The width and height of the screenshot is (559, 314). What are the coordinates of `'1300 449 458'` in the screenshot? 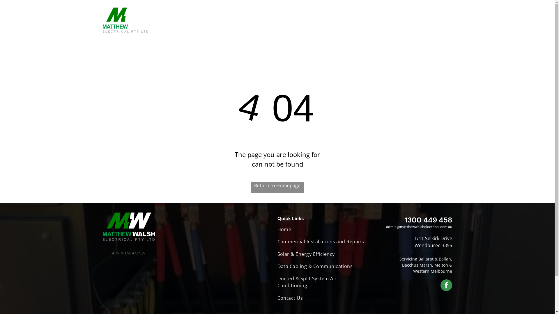 It's located at (428, 220).